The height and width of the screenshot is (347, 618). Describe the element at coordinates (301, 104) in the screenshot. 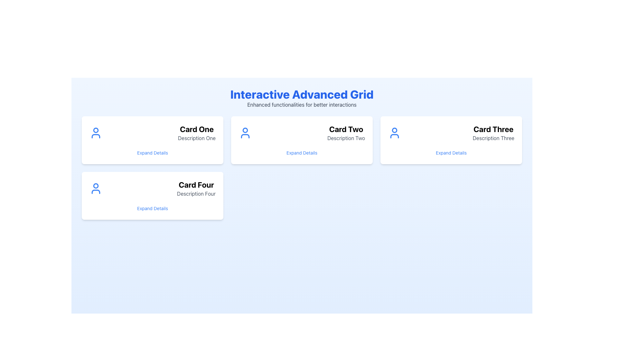

I see `the text label providing supplementary information located directly beneath the title 'Interactive Advanced Grid'` at that location.